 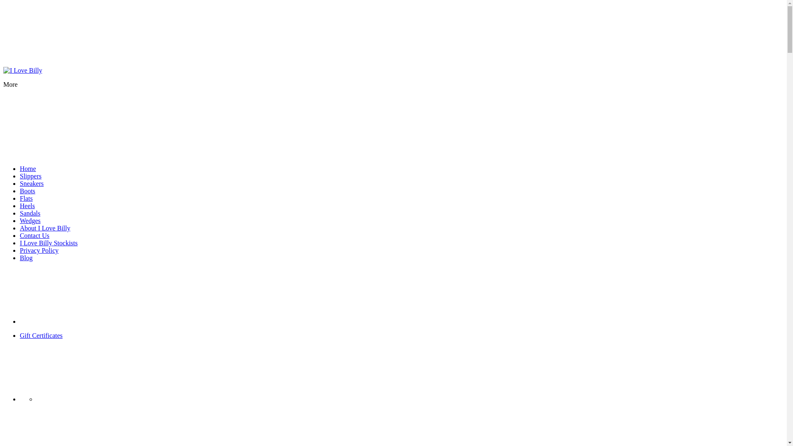 What do you see at coordinates (30, 220) in the screenshot?
I see `'Wedges'` at bounding box center [30, 220].